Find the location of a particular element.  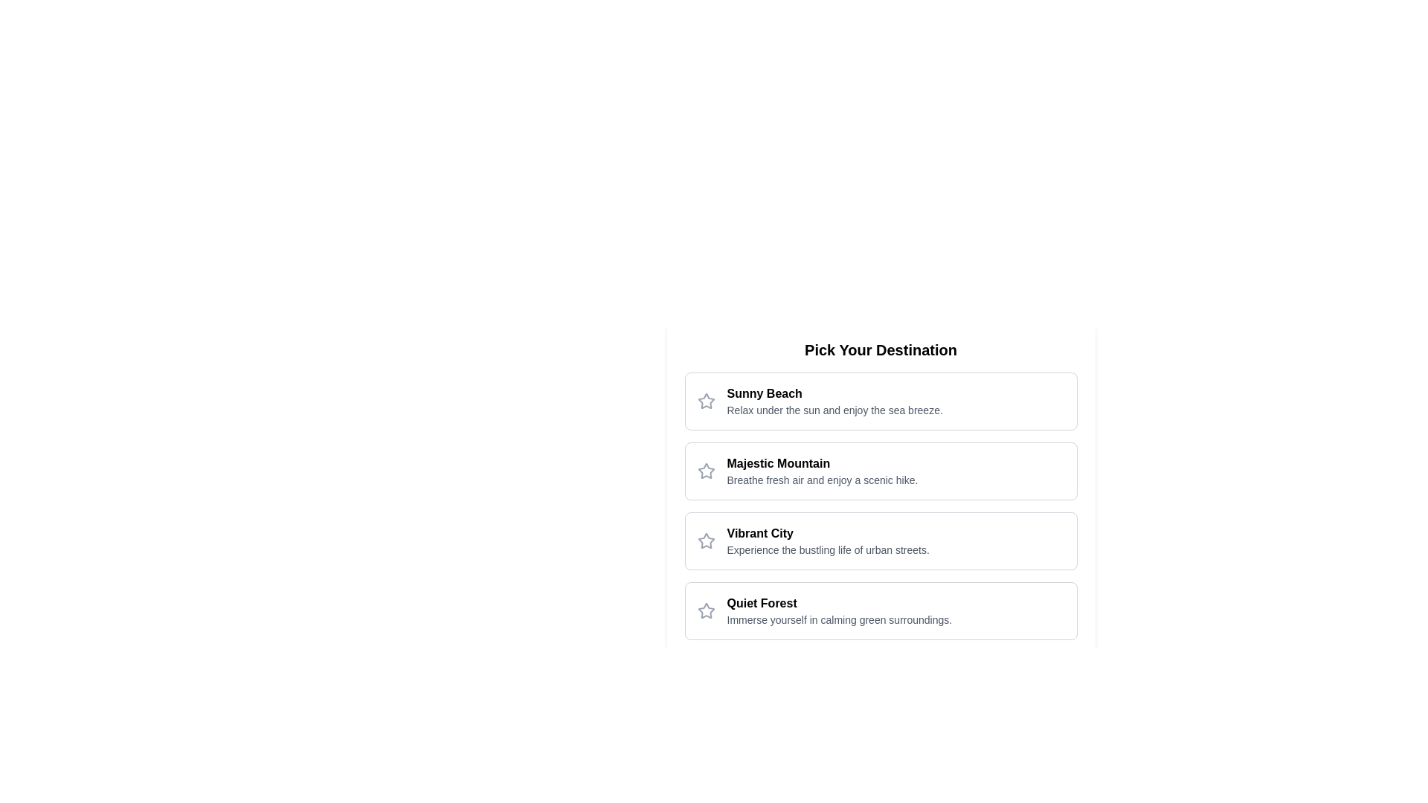

the star icon located to the left of the text content in the 'Quiet Forest' list item is located at coordinates (705, 610).